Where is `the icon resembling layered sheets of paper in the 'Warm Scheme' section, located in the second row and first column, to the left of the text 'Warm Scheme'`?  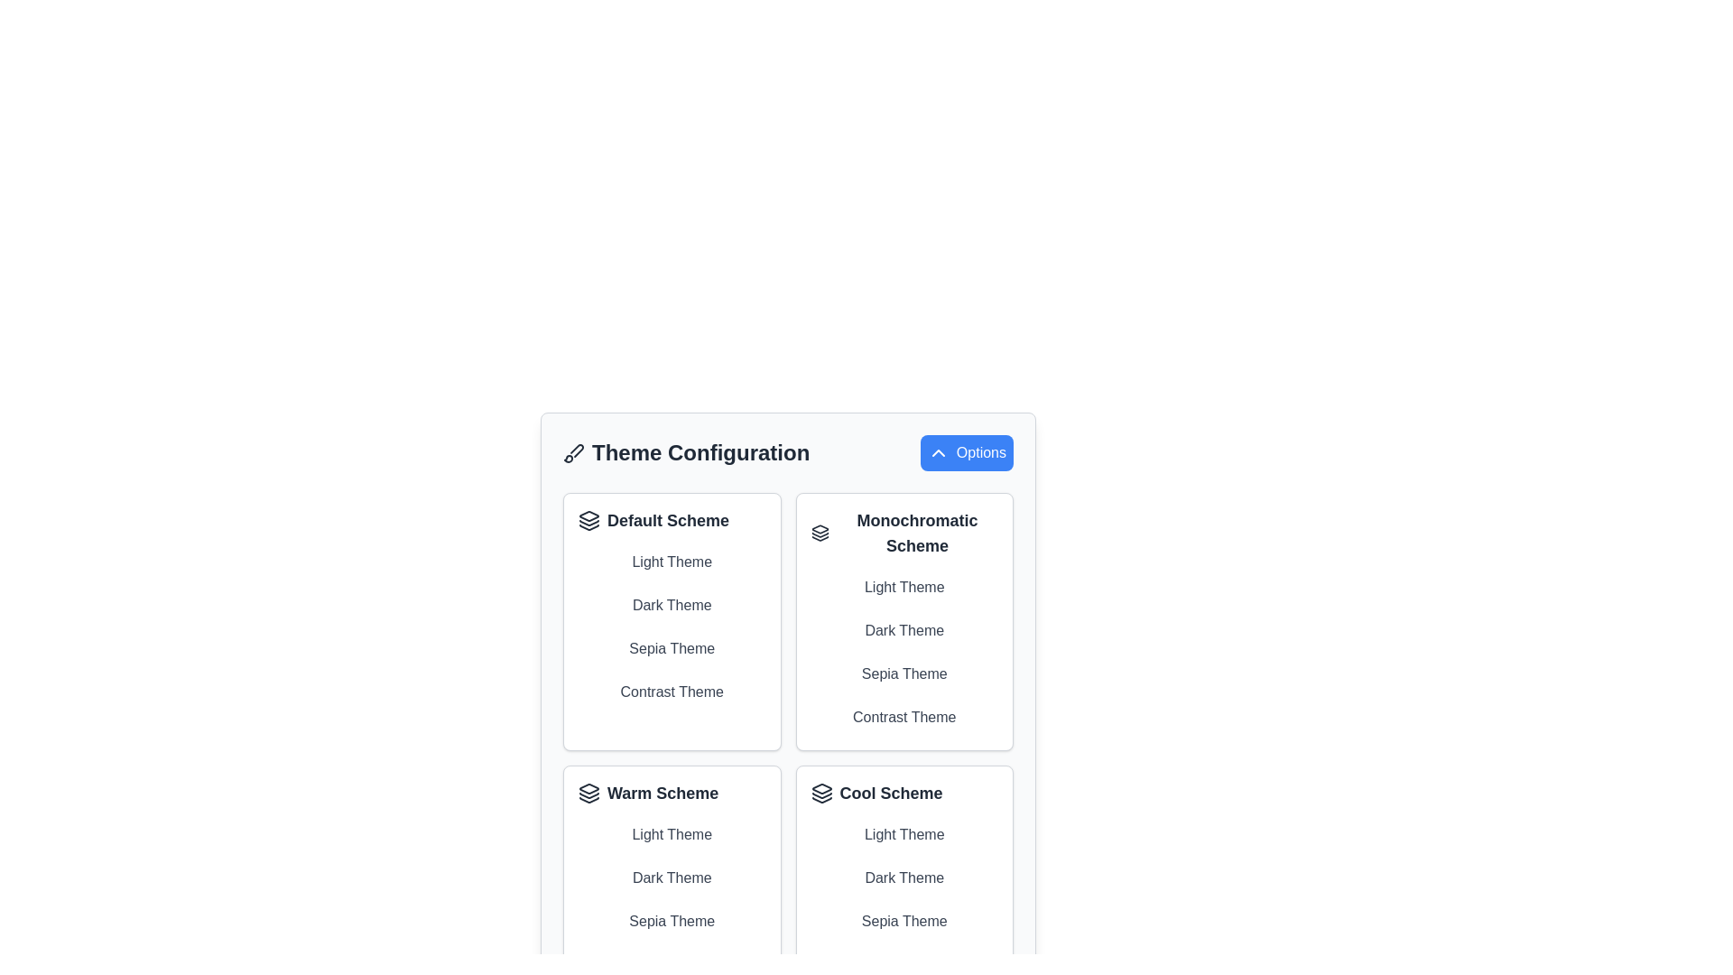
the icon resembling layered sheets of paper in the 'Warm Scheme' section, located in the second row and first column, to the left of the text 'Warm Scheme' is located at coordinates (588, 793).